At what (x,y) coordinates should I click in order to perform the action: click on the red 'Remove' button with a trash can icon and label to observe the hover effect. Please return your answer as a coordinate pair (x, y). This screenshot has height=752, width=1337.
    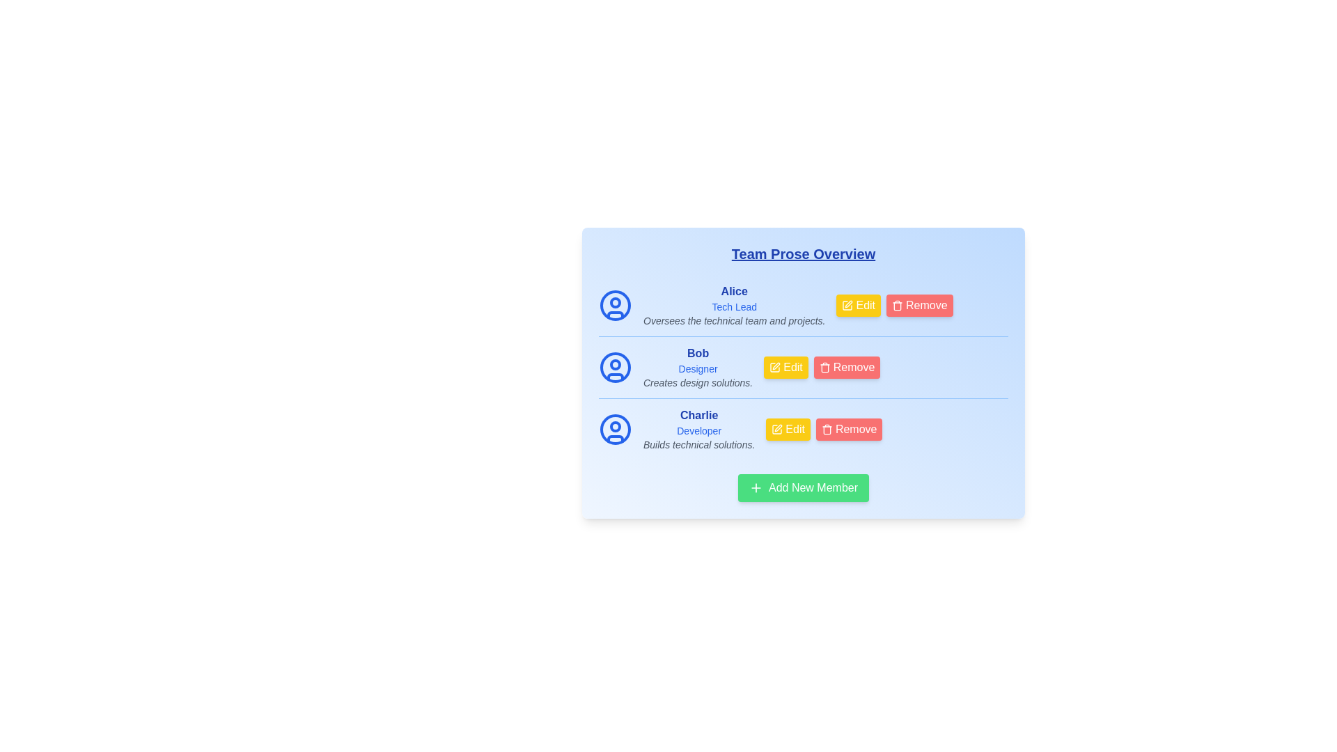
    Looking at the image, I should click on (848, 429).